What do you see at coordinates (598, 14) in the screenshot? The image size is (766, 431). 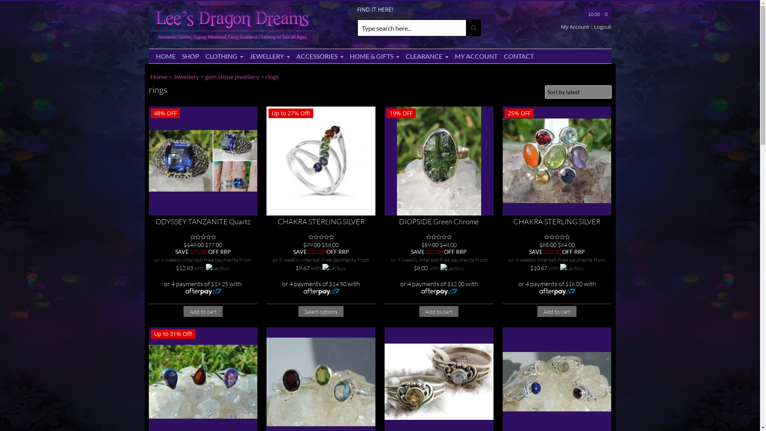 I see `'$0.00 0'` at bounding box center [598, 14].